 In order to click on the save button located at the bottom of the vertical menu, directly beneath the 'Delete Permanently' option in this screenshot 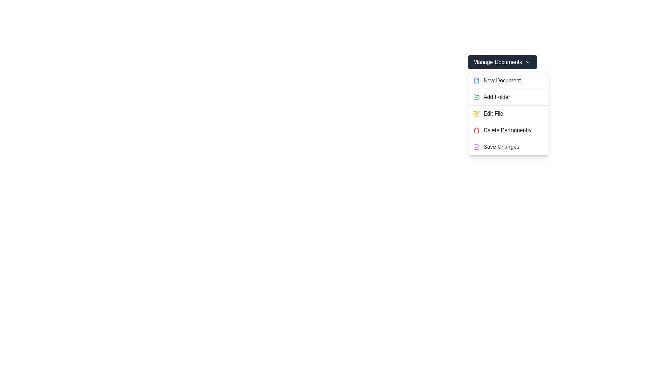, I will do `click(508, 146)`.